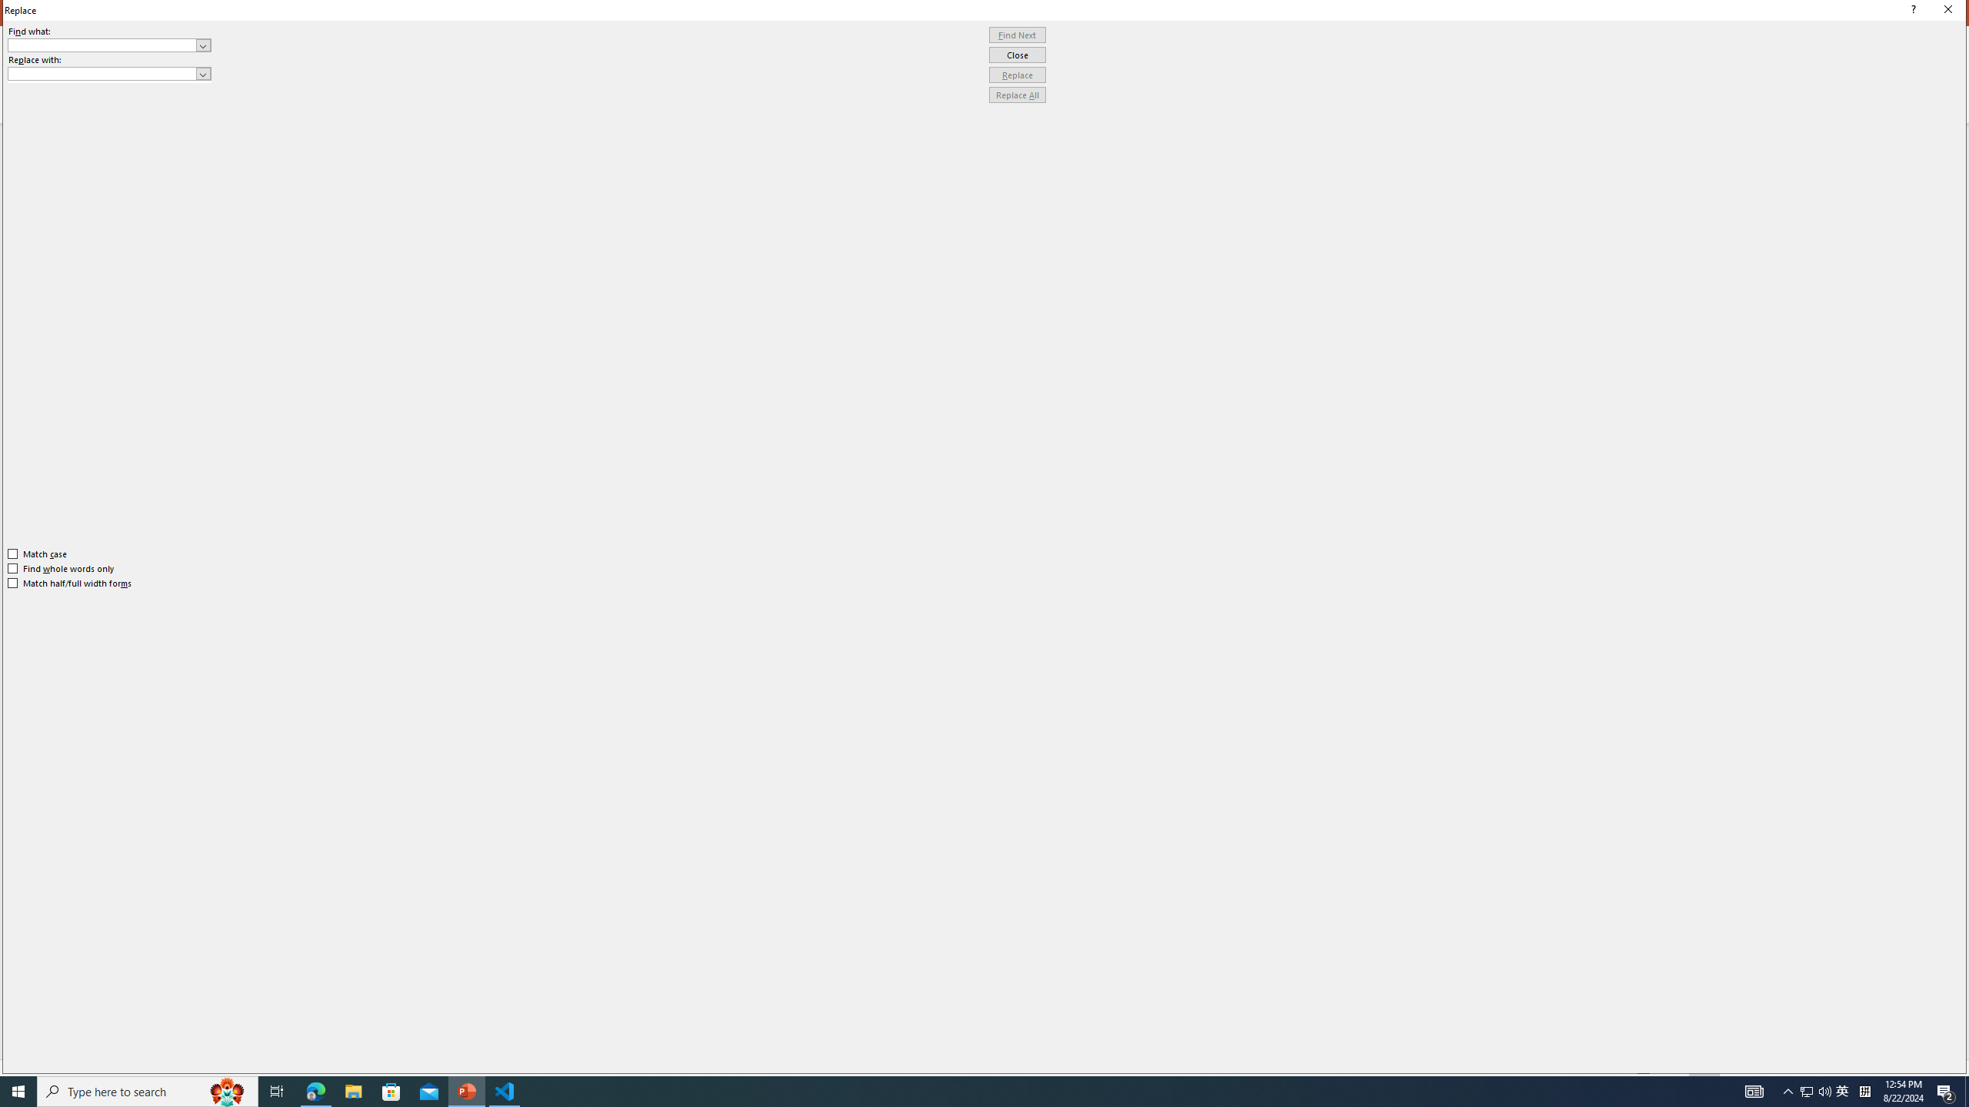  Describe the element at coordinates (109, 73) in the screenshot. I see `'Replace with'` at that location.